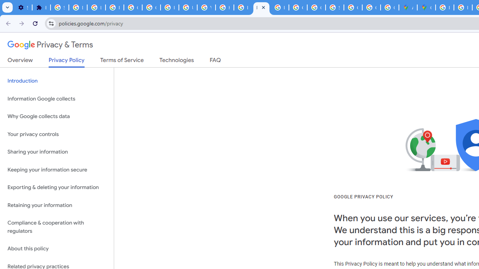 This screenshot has width=479, height=269. Describe the element at coordinates (151, 7) in the screenshot. I see `'Google Account Help'` at that location.